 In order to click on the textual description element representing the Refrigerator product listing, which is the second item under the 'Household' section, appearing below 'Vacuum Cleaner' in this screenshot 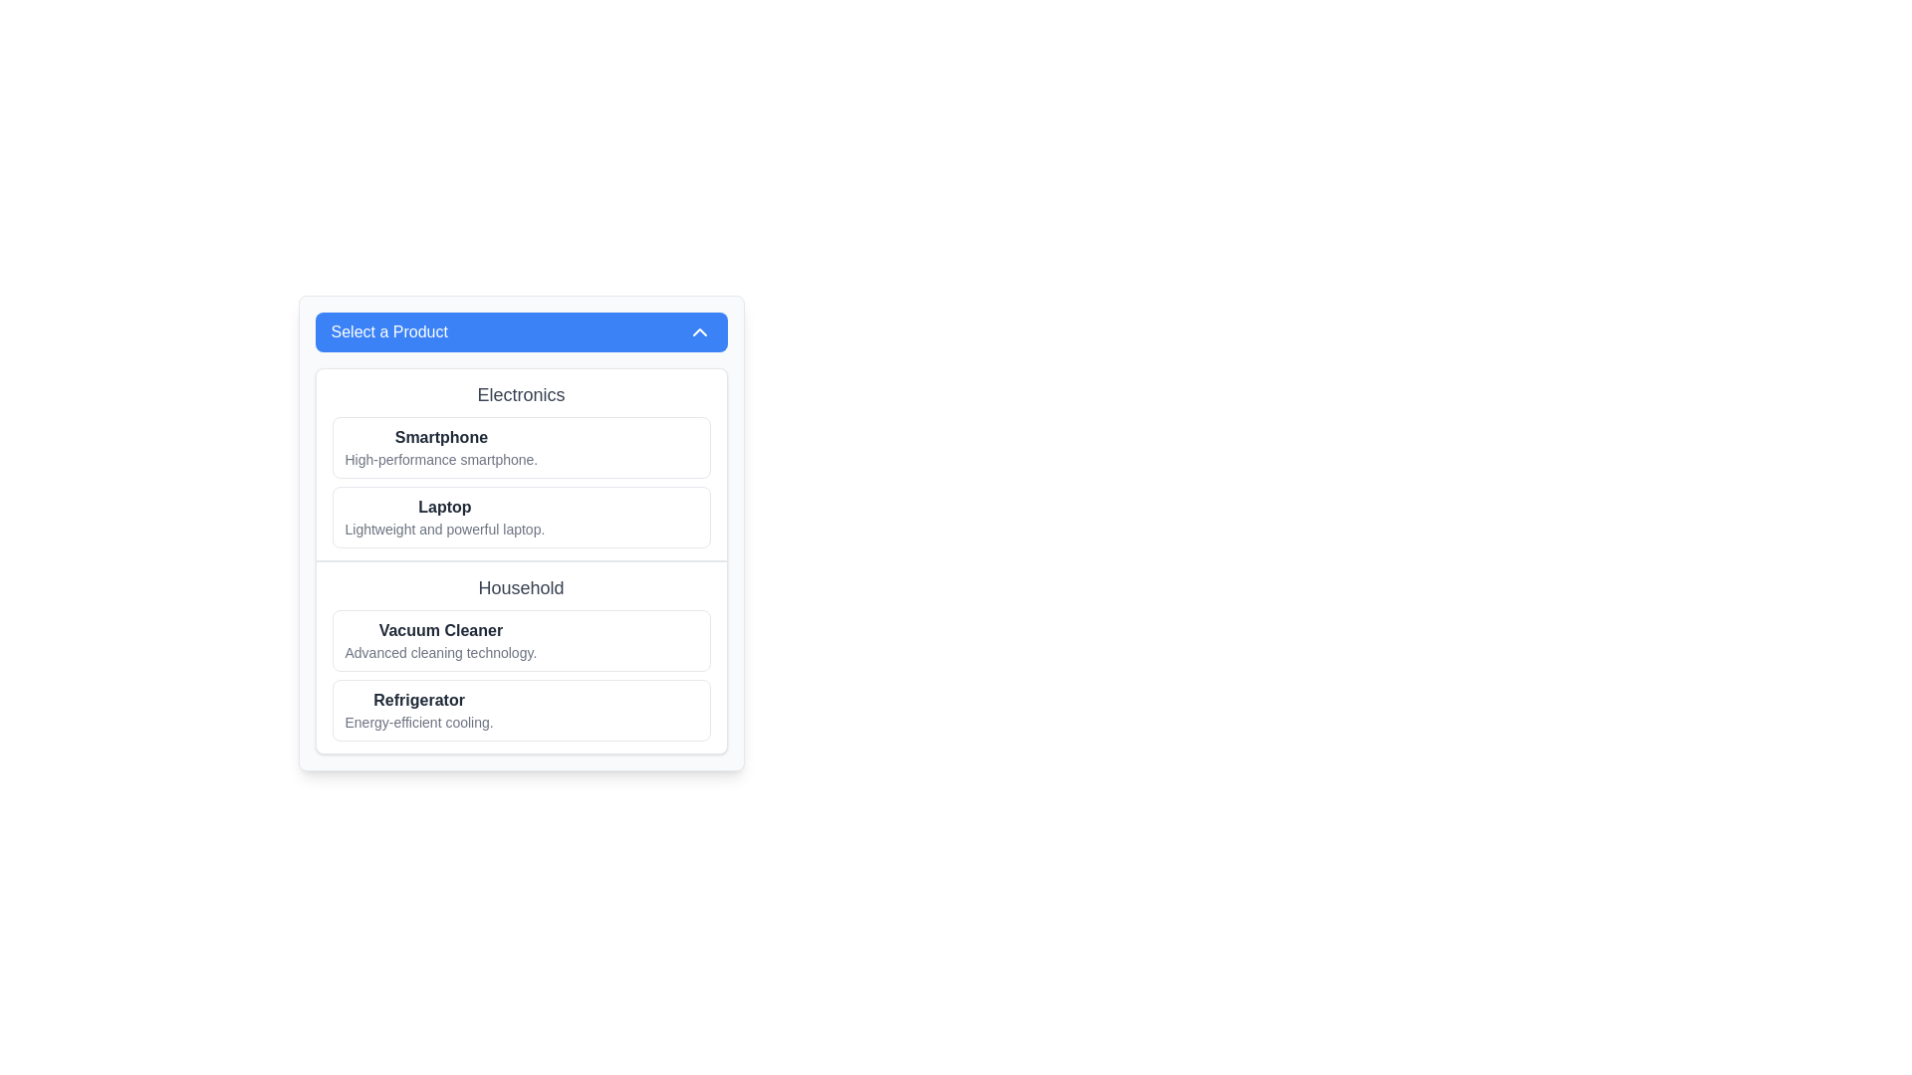, I will do `click(418, 709)`.